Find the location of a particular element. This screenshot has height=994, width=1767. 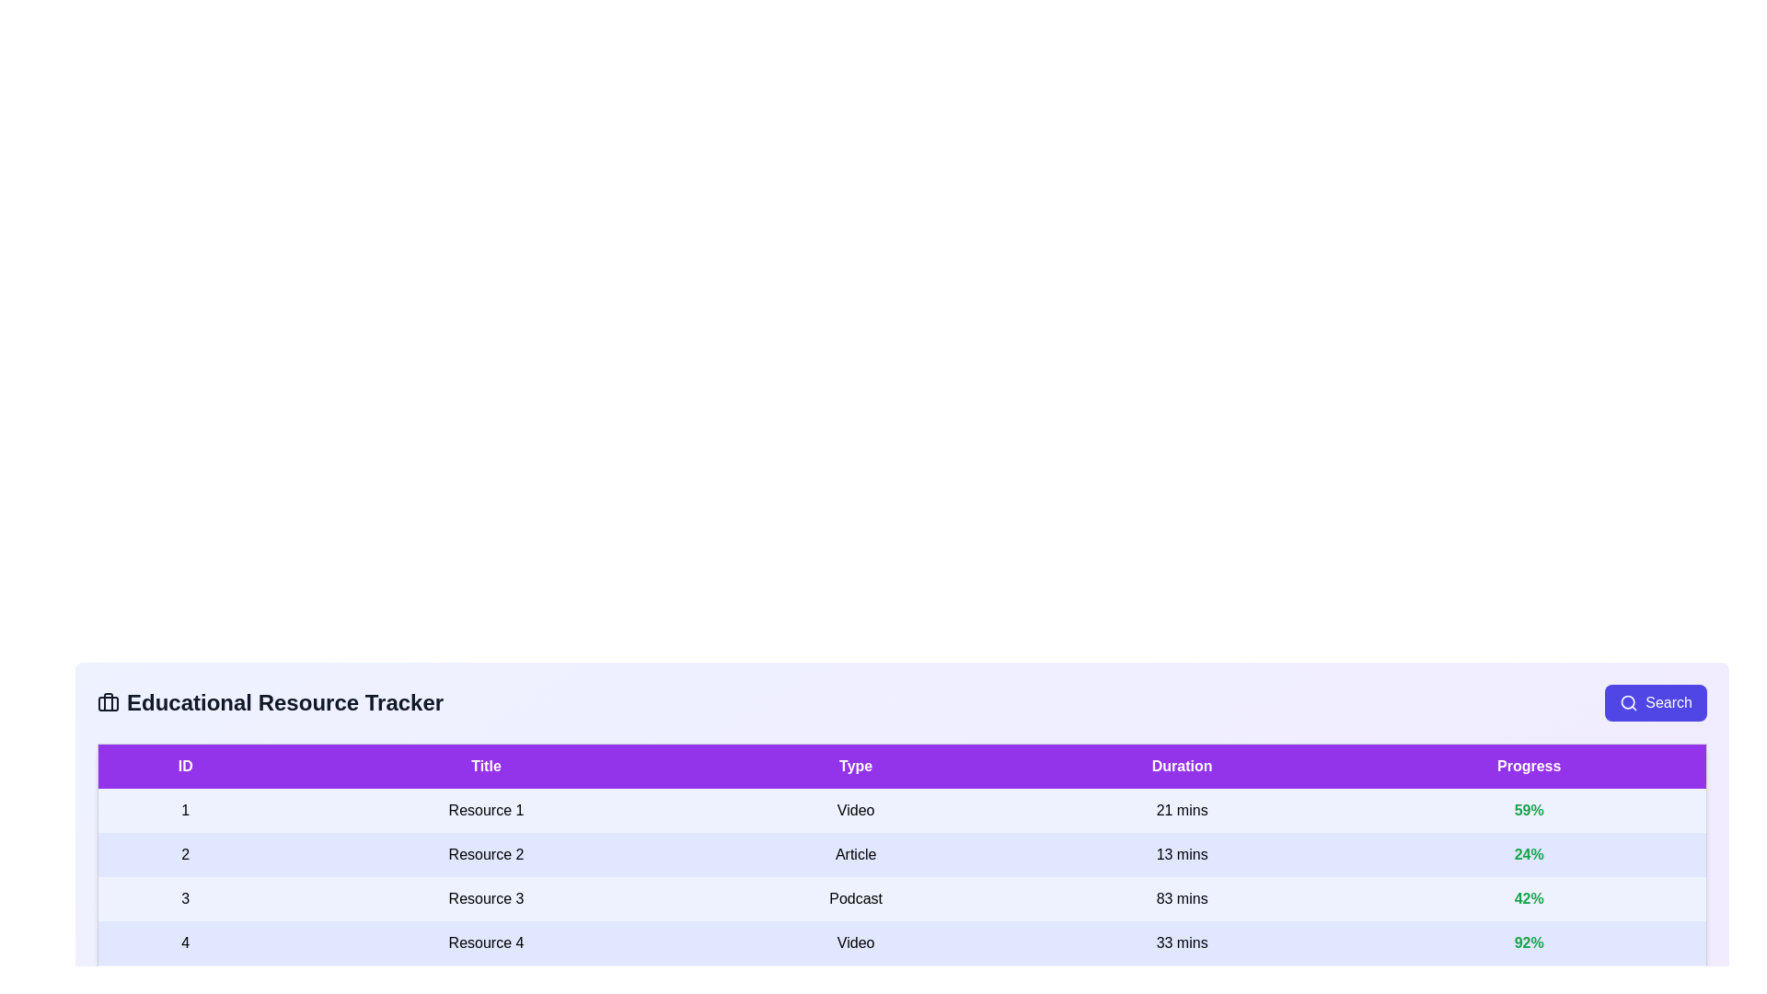

the column header Title to sort the resources by that column is located at coordinates (486, 766).